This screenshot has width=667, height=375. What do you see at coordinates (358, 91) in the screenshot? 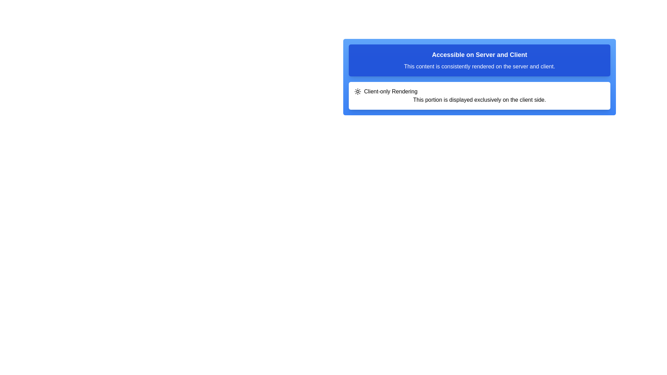
I see `the circular sun-like icon with radiating lines, which is located at the beginning of the row containing the text 'Client-only Rendering'` at bounding box center [358, 91].